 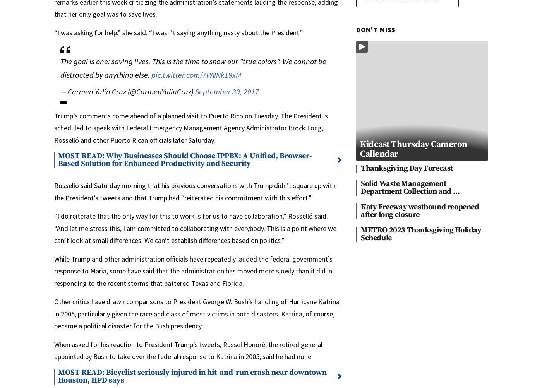 What do you see at coordinates (227, 91) in the screenshot?
I see `'September 30, 2017'` at bounding box center [227, 91].